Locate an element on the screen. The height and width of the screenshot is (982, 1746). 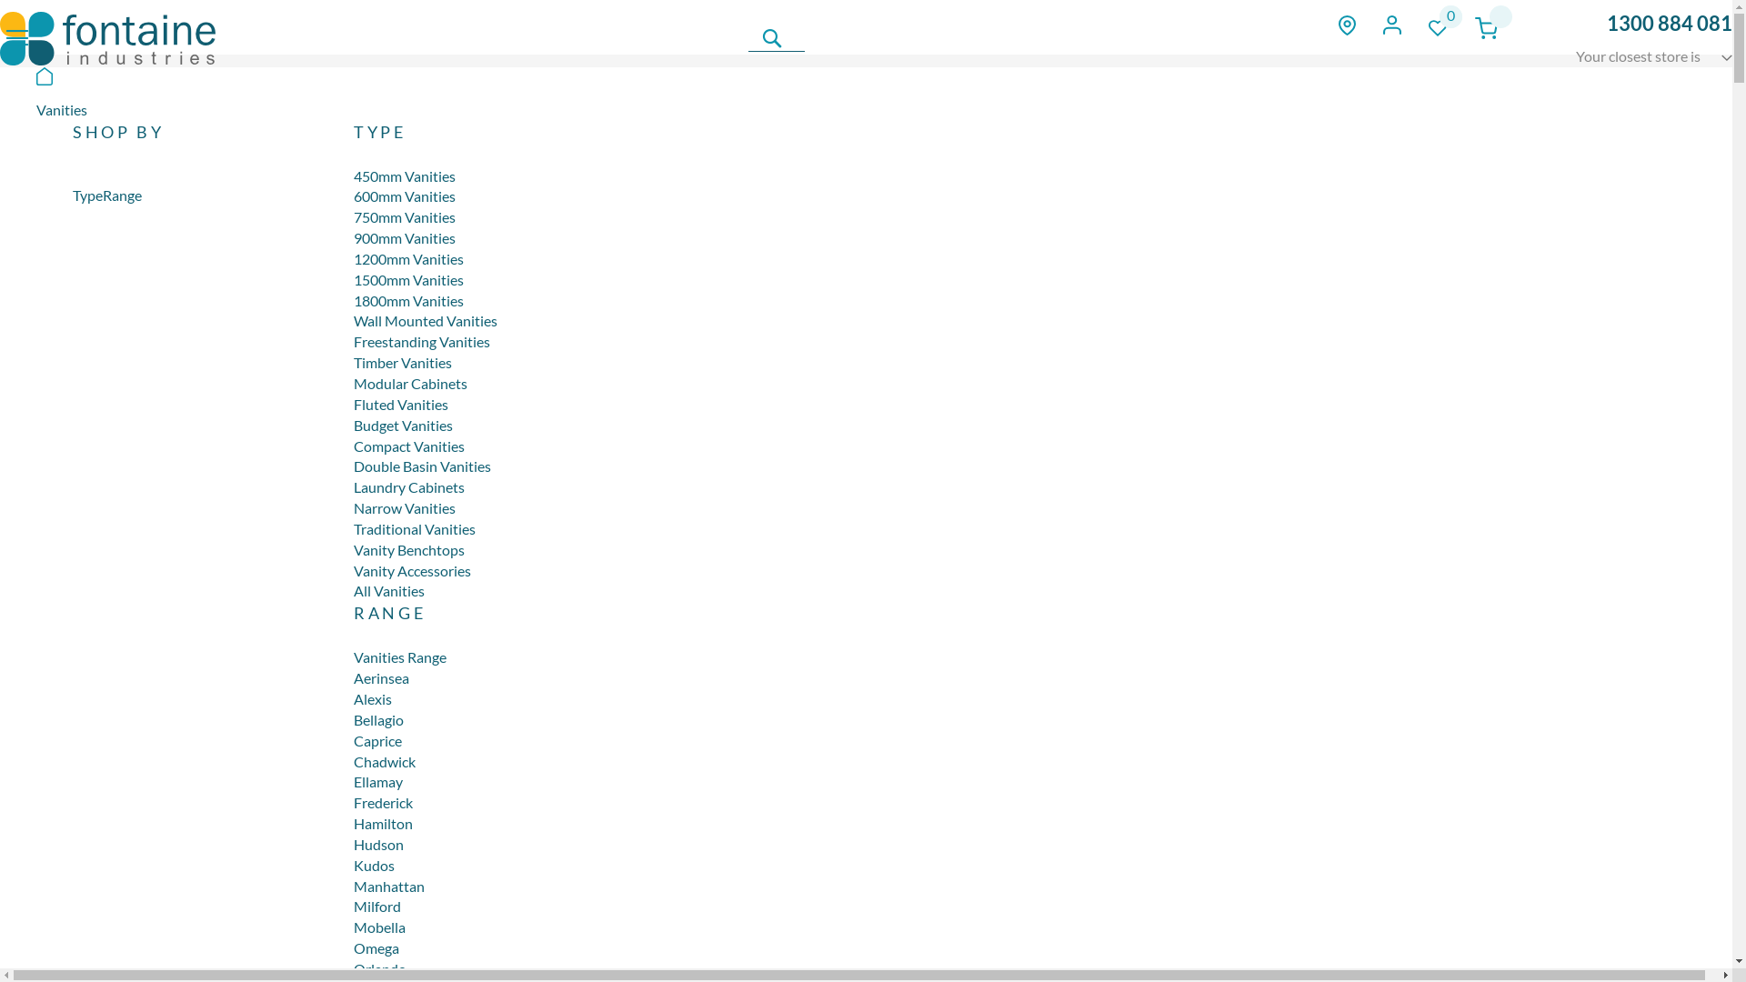
'Milford' is located at coordinates (376, 906).